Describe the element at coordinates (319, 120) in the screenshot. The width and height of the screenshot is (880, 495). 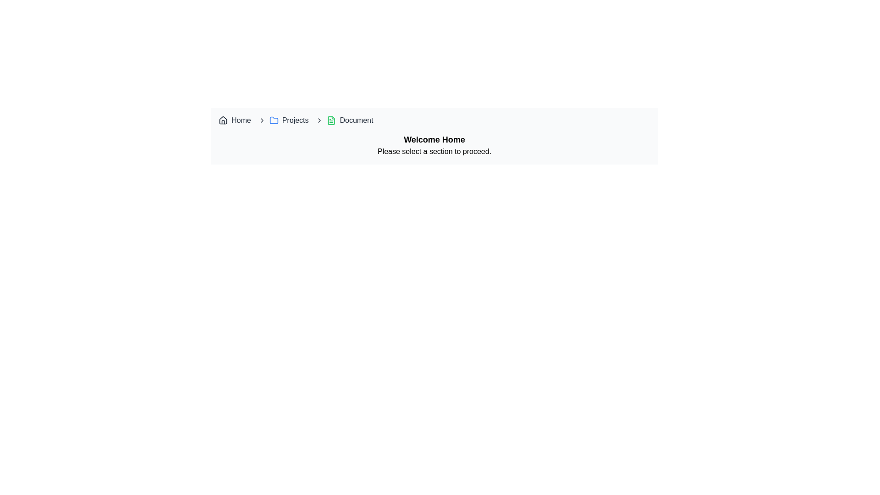
I see `third chevron SVG icon in the breadcrumb navigation UI, which indicates a transition between 'Projects' and 'Document'` at that location.